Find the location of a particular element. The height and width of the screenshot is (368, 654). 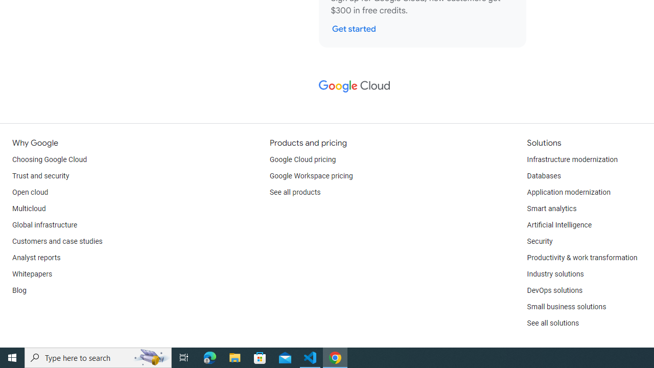

'Trust and security' is located at coordinates (41, 175).